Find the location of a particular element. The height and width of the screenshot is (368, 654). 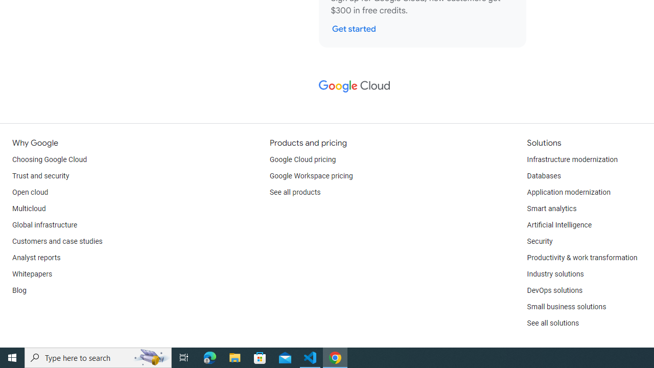

'Trust and security' is located at coordinates (41, 175).